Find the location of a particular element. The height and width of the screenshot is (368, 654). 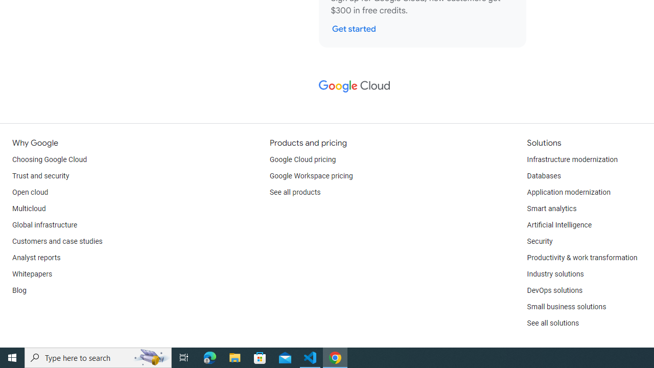

'Trust and security' is located at coordinates (41, 175).